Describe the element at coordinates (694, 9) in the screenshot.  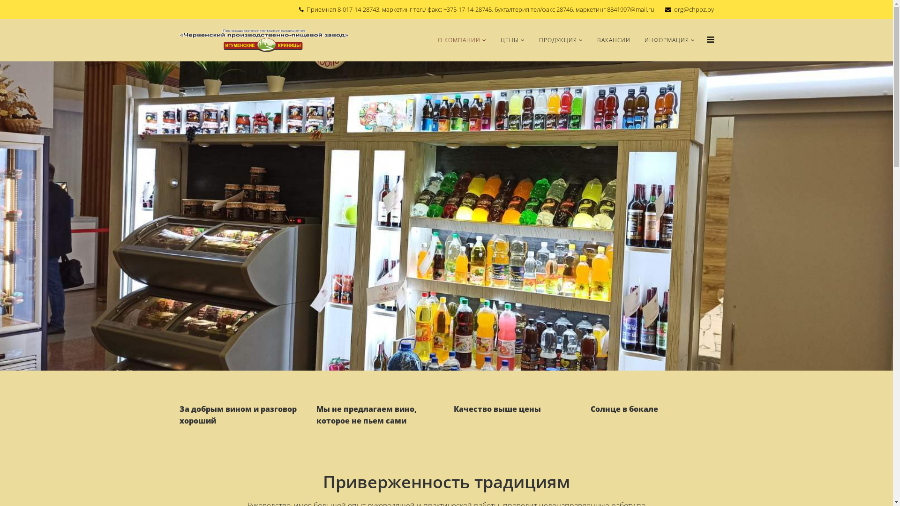
I see `'org@chppz.by'` at that location.